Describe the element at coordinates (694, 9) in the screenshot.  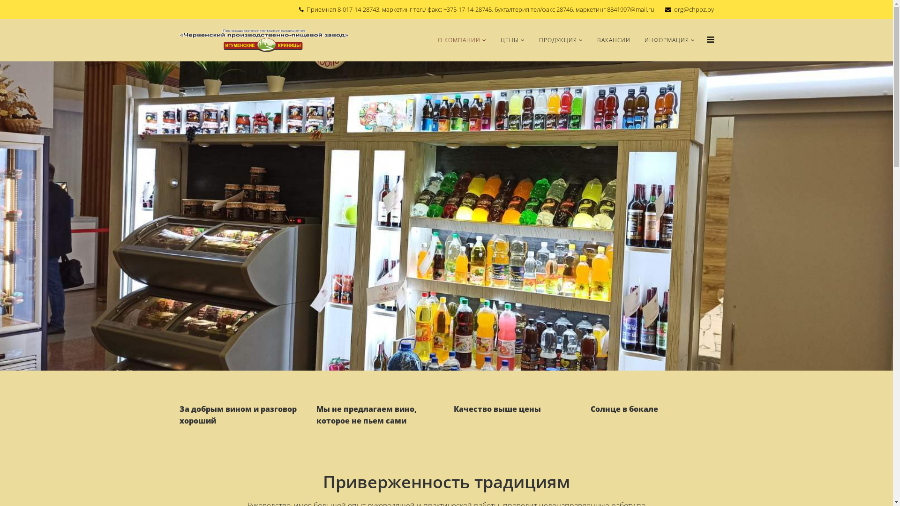
I see `'org@chppz.by'` at that location.